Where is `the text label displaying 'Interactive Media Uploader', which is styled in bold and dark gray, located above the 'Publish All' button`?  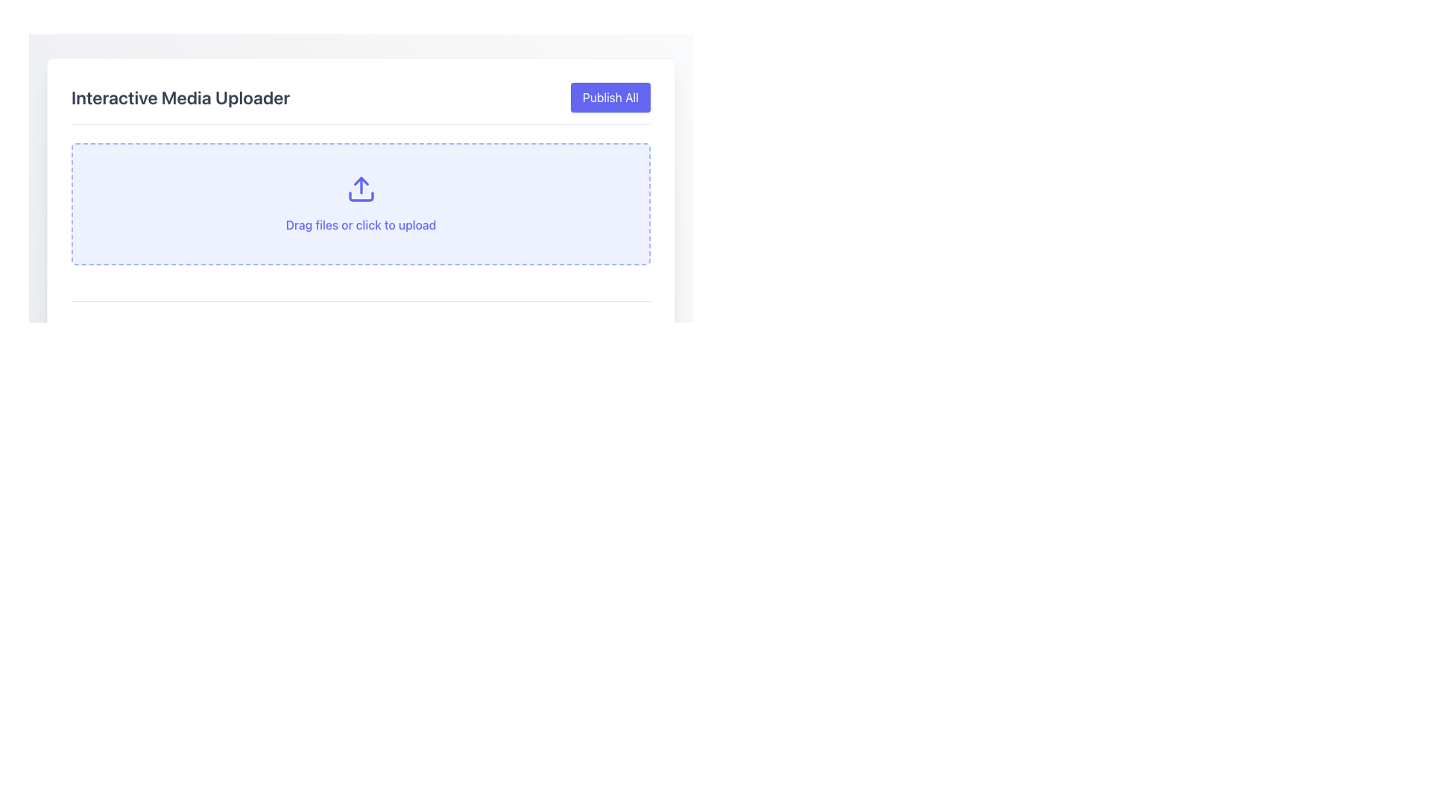
the text label displaying 'Interactive Media Uploader', which is styled in bold and dark gray, located above the 'Publish All' button is located at coordinates (180, 98).